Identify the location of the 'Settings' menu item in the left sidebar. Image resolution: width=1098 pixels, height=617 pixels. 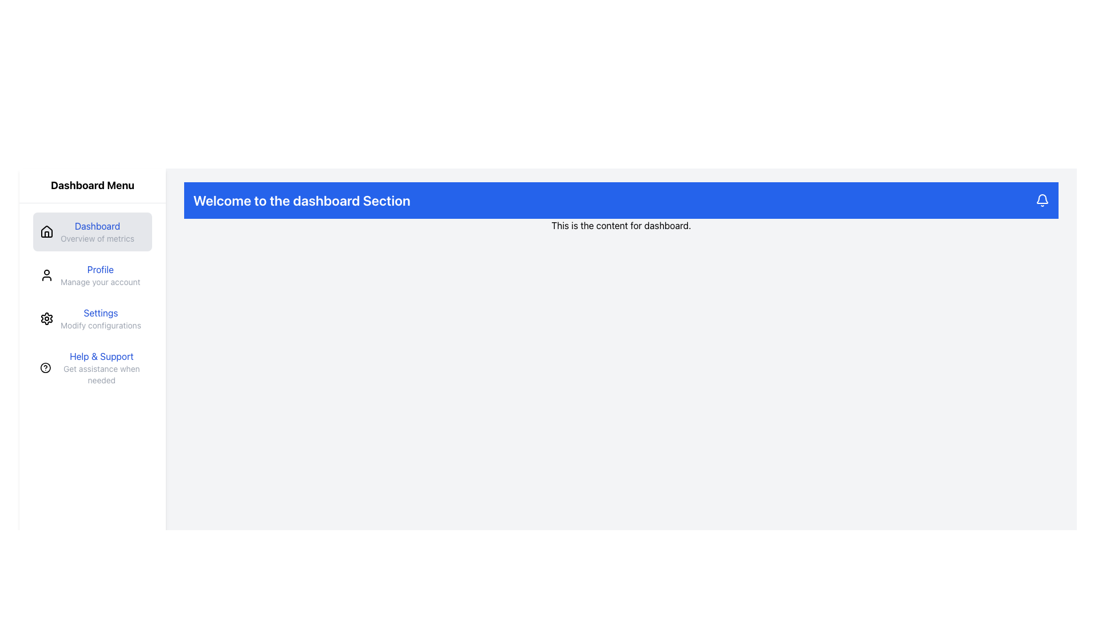
(101, 319).